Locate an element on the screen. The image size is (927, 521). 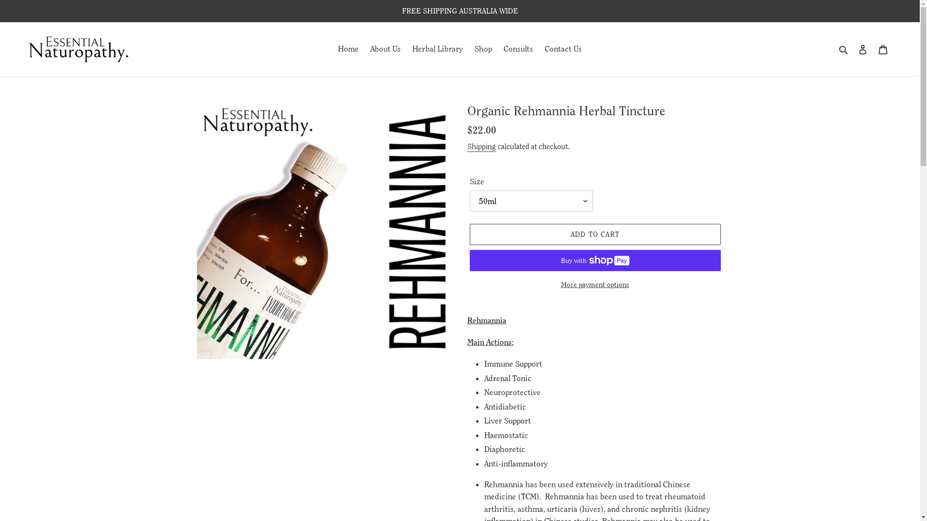
'About Us' is located at coordinates (385, 49).